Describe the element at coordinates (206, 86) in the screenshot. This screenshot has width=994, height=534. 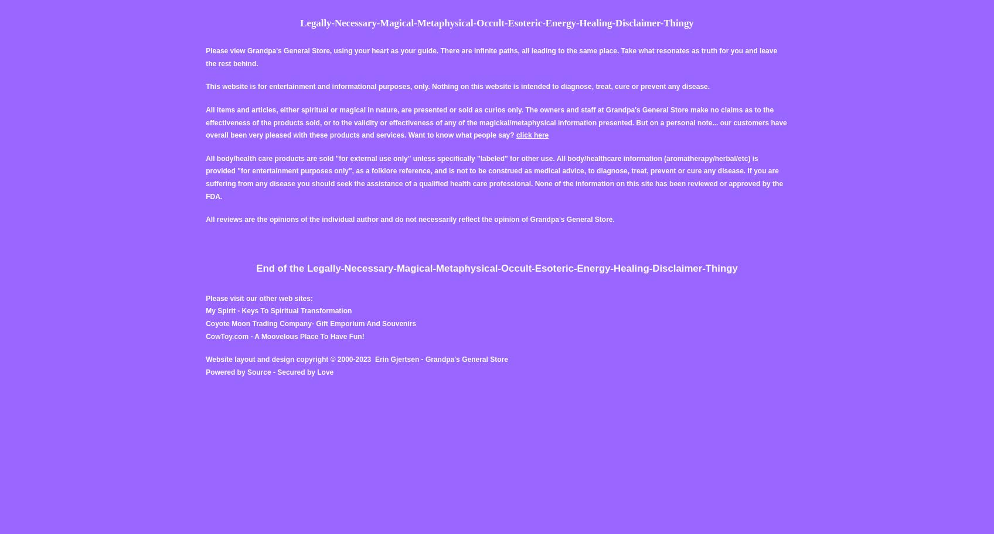
I see `'This website is for entertainment and informational purposes, only. Nothing on this website is intended to diagnose, treat, cure or prevent any disease.'` at that location.